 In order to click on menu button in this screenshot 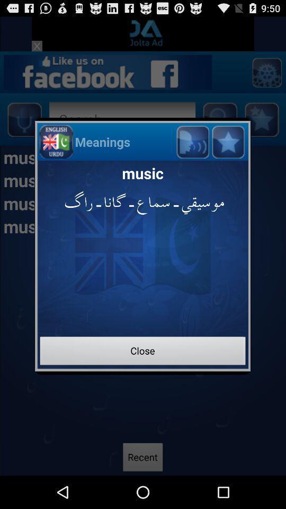, I will do `click(227, 141)`.